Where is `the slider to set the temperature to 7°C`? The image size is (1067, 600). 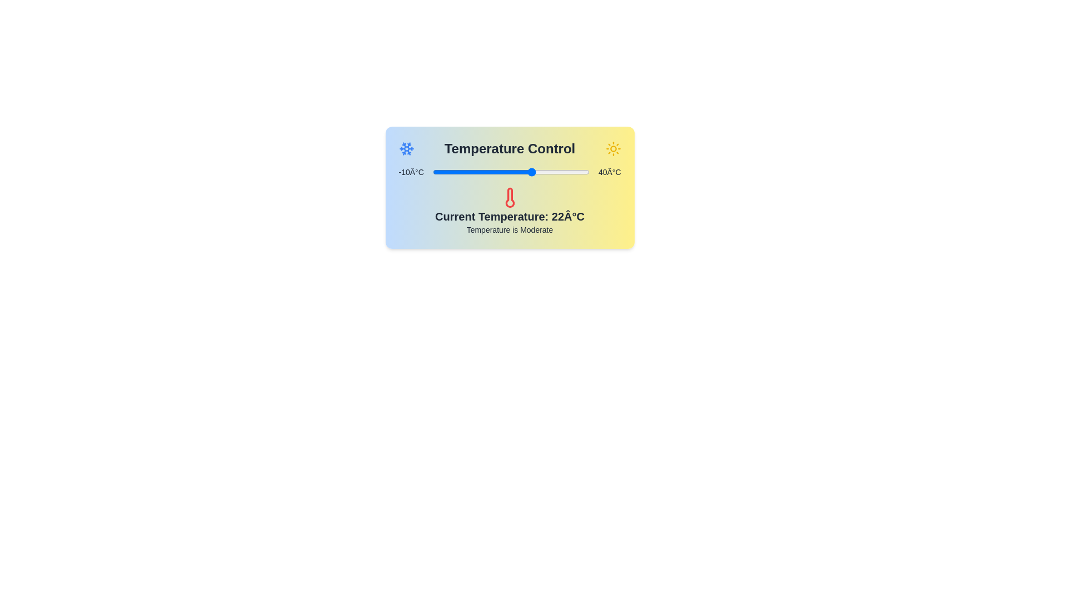 the slider to set the temperature to 7°C is located at coordinates (486, 172).